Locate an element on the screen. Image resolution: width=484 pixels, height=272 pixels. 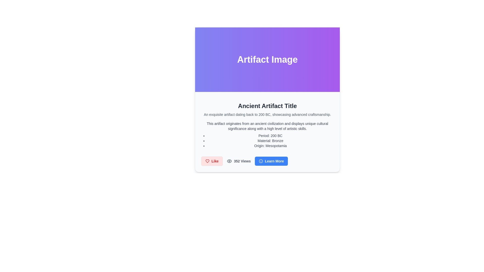
the text block that contains a detailed description of the historical artifact's cultural and artistic significance, which is located below the title 'Ancient Artifact Title' and above interactive buttons is located at coordinates (267, 134).